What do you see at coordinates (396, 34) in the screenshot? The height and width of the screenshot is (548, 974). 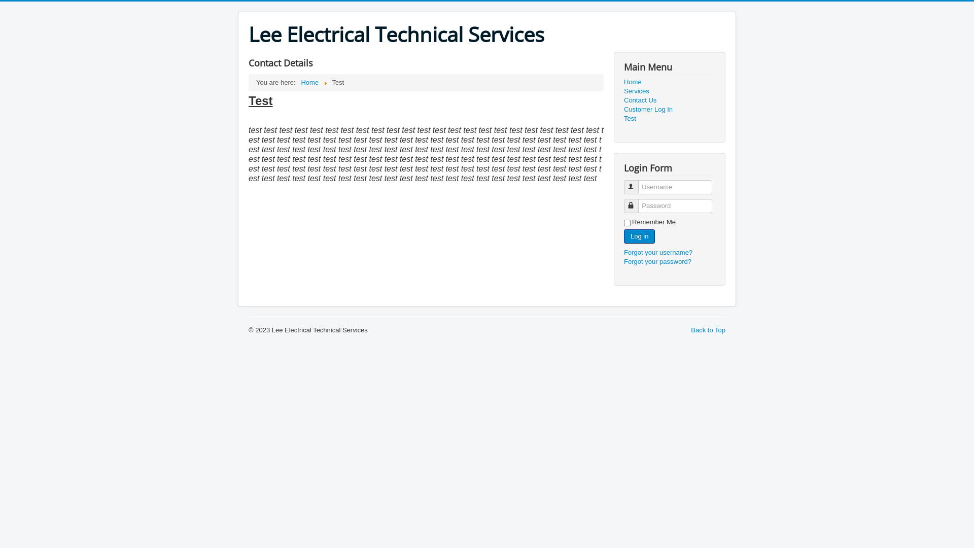 I see `'Lee Electrical Technical Services'` at bounding box center [396, 34].